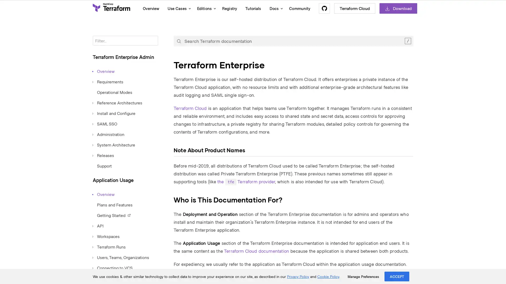 The height and width of the screenshot is (284, 506). Describe the element at coordinates (179, 40) in the screenshot. I see `Submit your search query.` at that location.